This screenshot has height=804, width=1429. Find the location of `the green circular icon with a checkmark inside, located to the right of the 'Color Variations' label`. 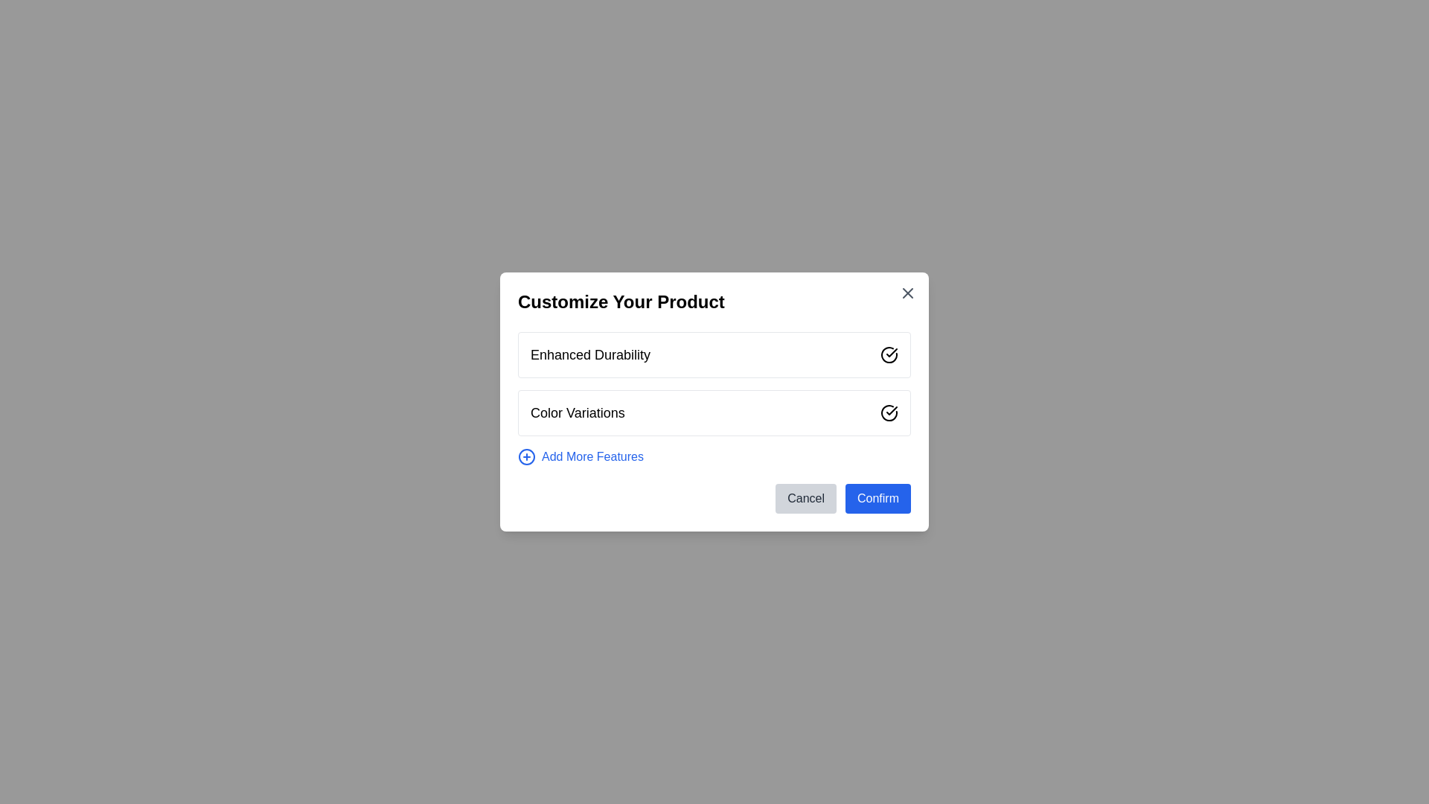

the green circular icon with a checkmark inside, located to the right of the 'Color Variations' label is located at coordinates (889, 413).